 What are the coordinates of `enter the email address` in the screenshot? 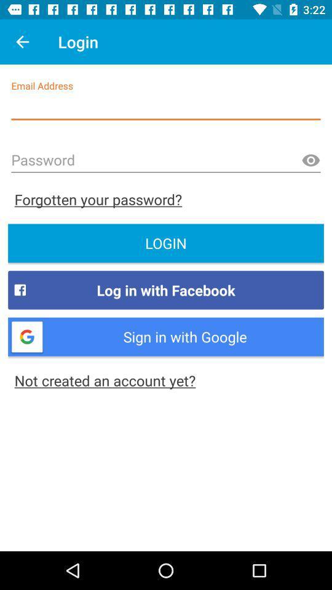 It's located at (166, 107).